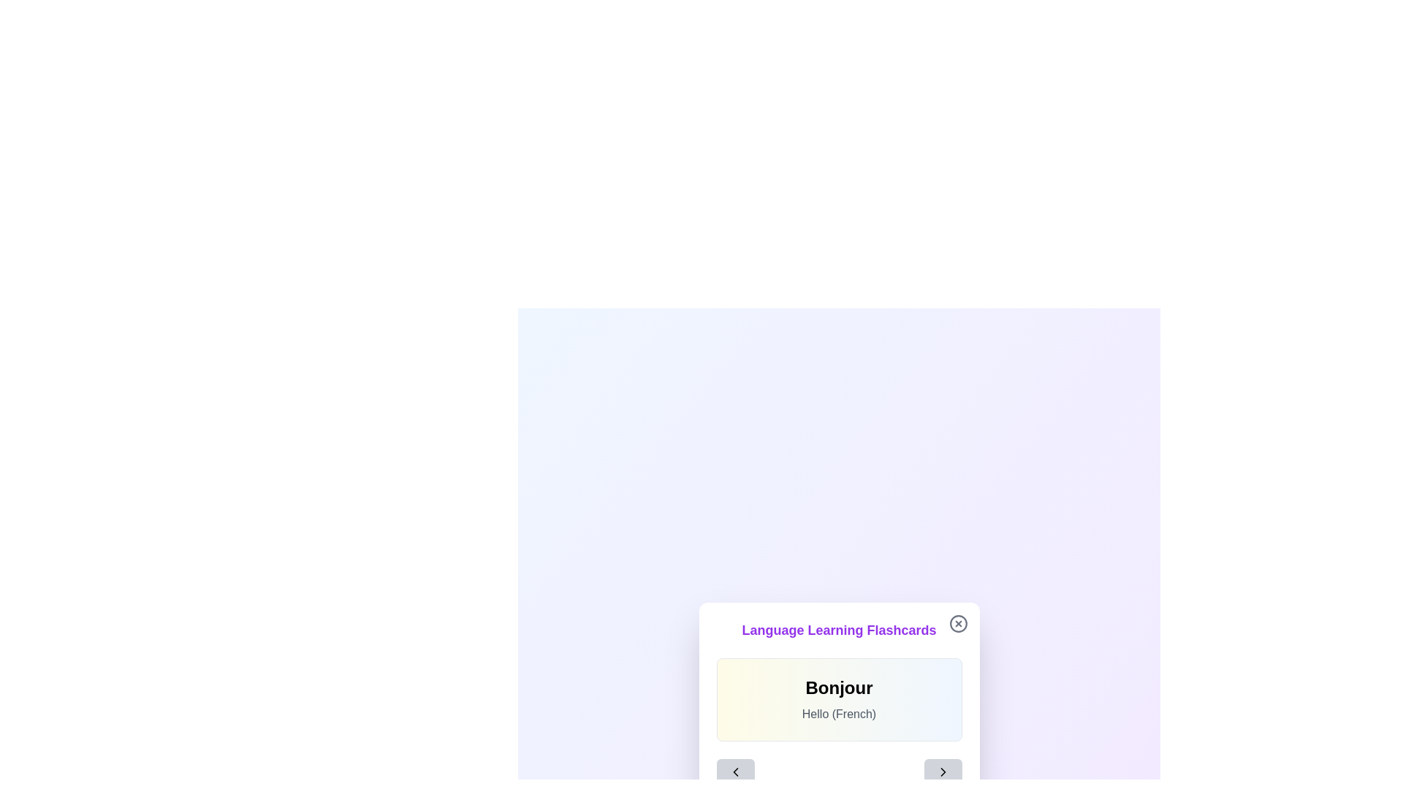  Describe the element at coordinates (839, 771) in the screenshot. I see `the navigation buttons in the horizontal layout of the Navigation control located below the 'Language Learning Flashcards' interface` at that location.